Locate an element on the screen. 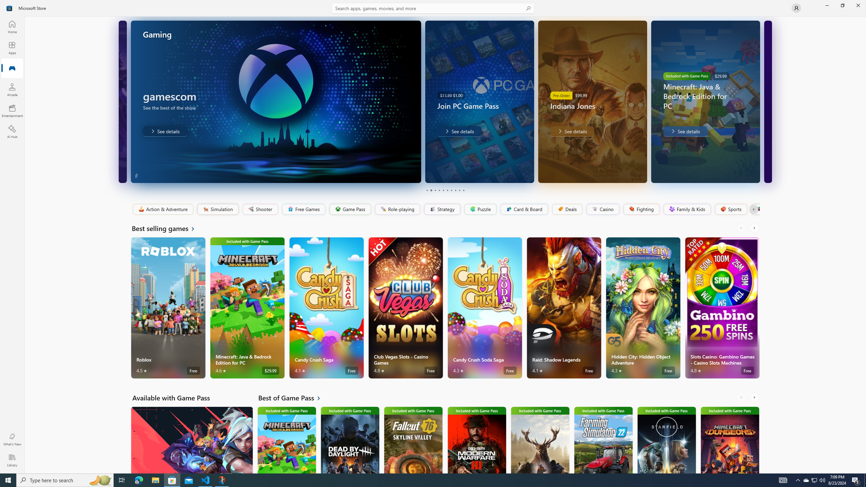 This screenshot has height=487, width=866. 'Puzzle' is located at coordinates (480, 209).